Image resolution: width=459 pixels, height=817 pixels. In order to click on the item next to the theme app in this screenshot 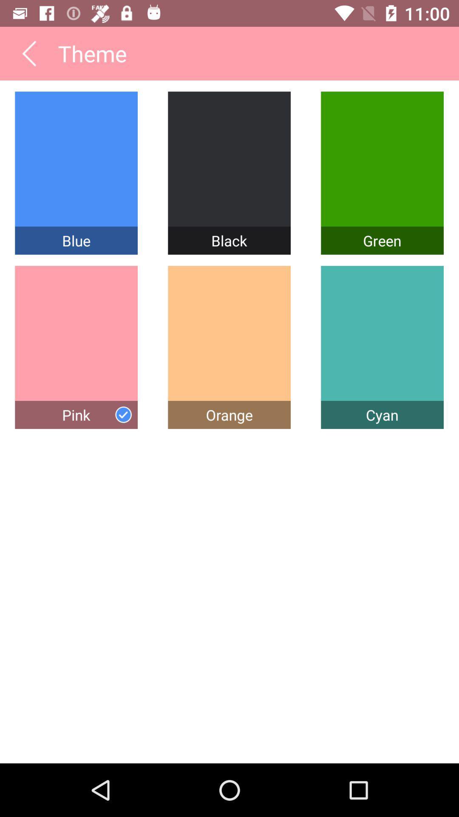, I will do `click(28, 53)`.